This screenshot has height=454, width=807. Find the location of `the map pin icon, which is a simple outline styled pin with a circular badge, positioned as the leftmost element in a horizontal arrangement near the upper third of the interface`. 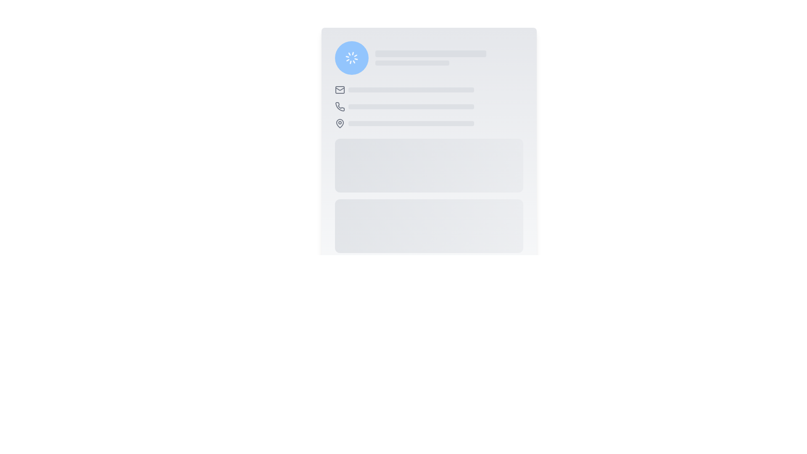

the map pin icon, which is a simple outline styled pin with a circular badge, positioned as the leftmost element in a horizontal arrangement near the upper third of the interface is located at coordinates (340, 123).